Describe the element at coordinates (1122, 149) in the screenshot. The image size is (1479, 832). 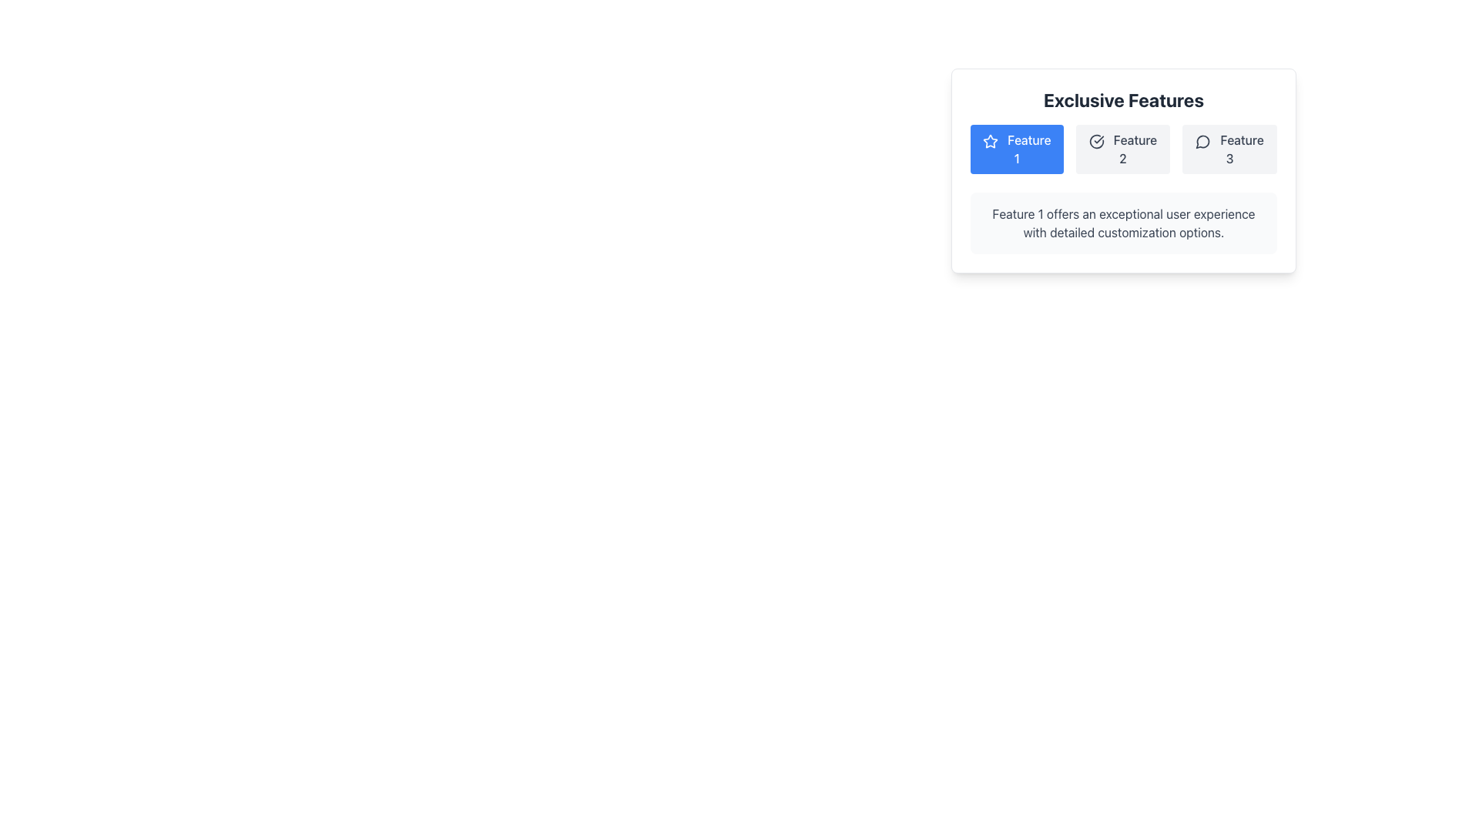
I see `the button labeled 'Feature 2' in the 'Exclusive Features' section` at that location.